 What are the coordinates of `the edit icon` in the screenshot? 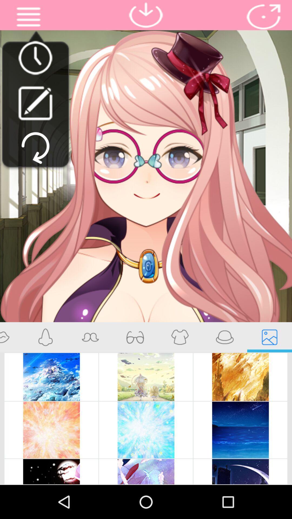 It's located at (35, 110).